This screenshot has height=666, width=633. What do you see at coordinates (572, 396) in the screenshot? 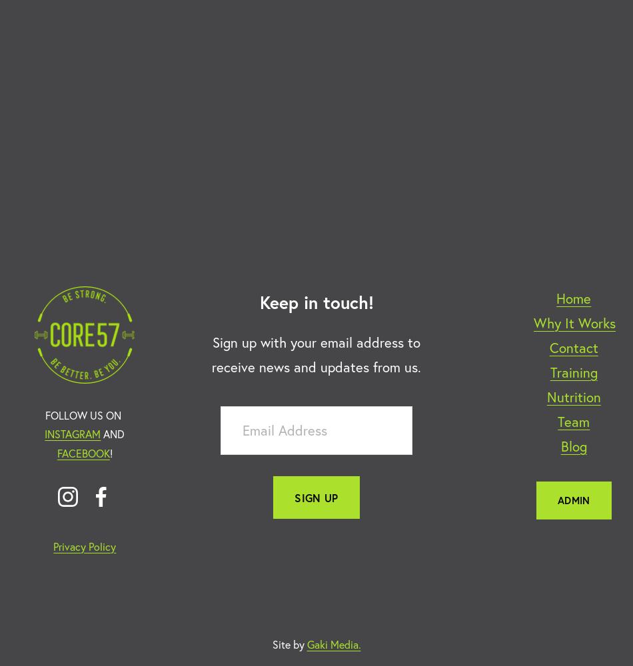
I see `'Nutrition'` at bounding box center [572, 396].